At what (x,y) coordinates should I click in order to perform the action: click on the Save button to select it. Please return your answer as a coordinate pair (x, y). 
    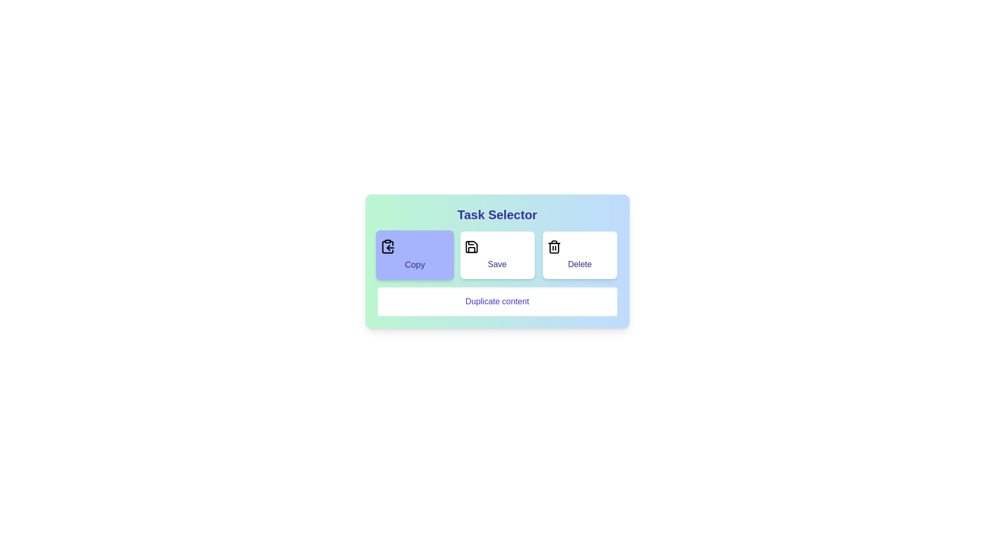
    Looking at the image, I should click on (497, 255).